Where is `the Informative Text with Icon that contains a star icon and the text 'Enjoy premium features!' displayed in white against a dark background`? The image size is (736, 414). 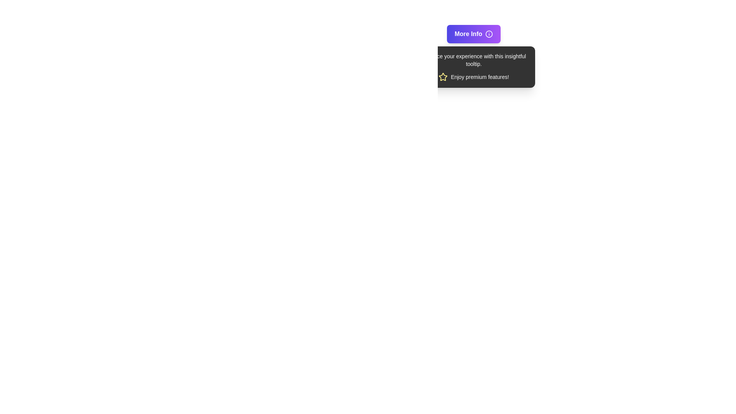 the Informative Text with Icon that contains a star icon and the text 'Enjoy premium features!' displayed in white against a dark background is located at coordinates (473, 77).